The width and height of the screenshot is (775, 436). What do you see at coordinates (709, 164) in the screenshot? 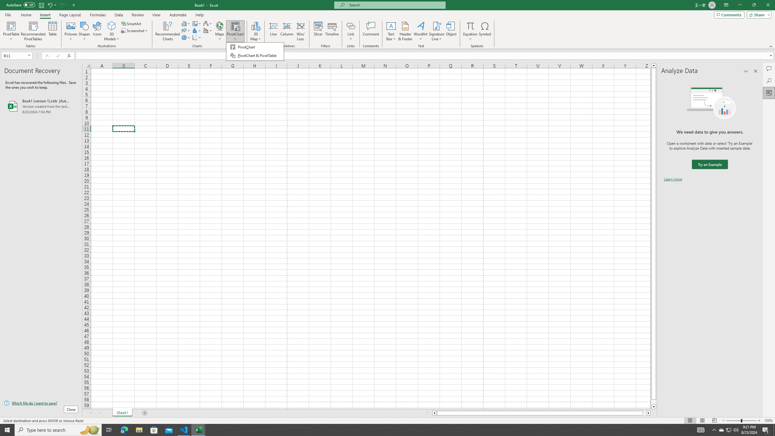
I see `'We need data to give you answers. Try an Example'` at bounding box center [709, 164].